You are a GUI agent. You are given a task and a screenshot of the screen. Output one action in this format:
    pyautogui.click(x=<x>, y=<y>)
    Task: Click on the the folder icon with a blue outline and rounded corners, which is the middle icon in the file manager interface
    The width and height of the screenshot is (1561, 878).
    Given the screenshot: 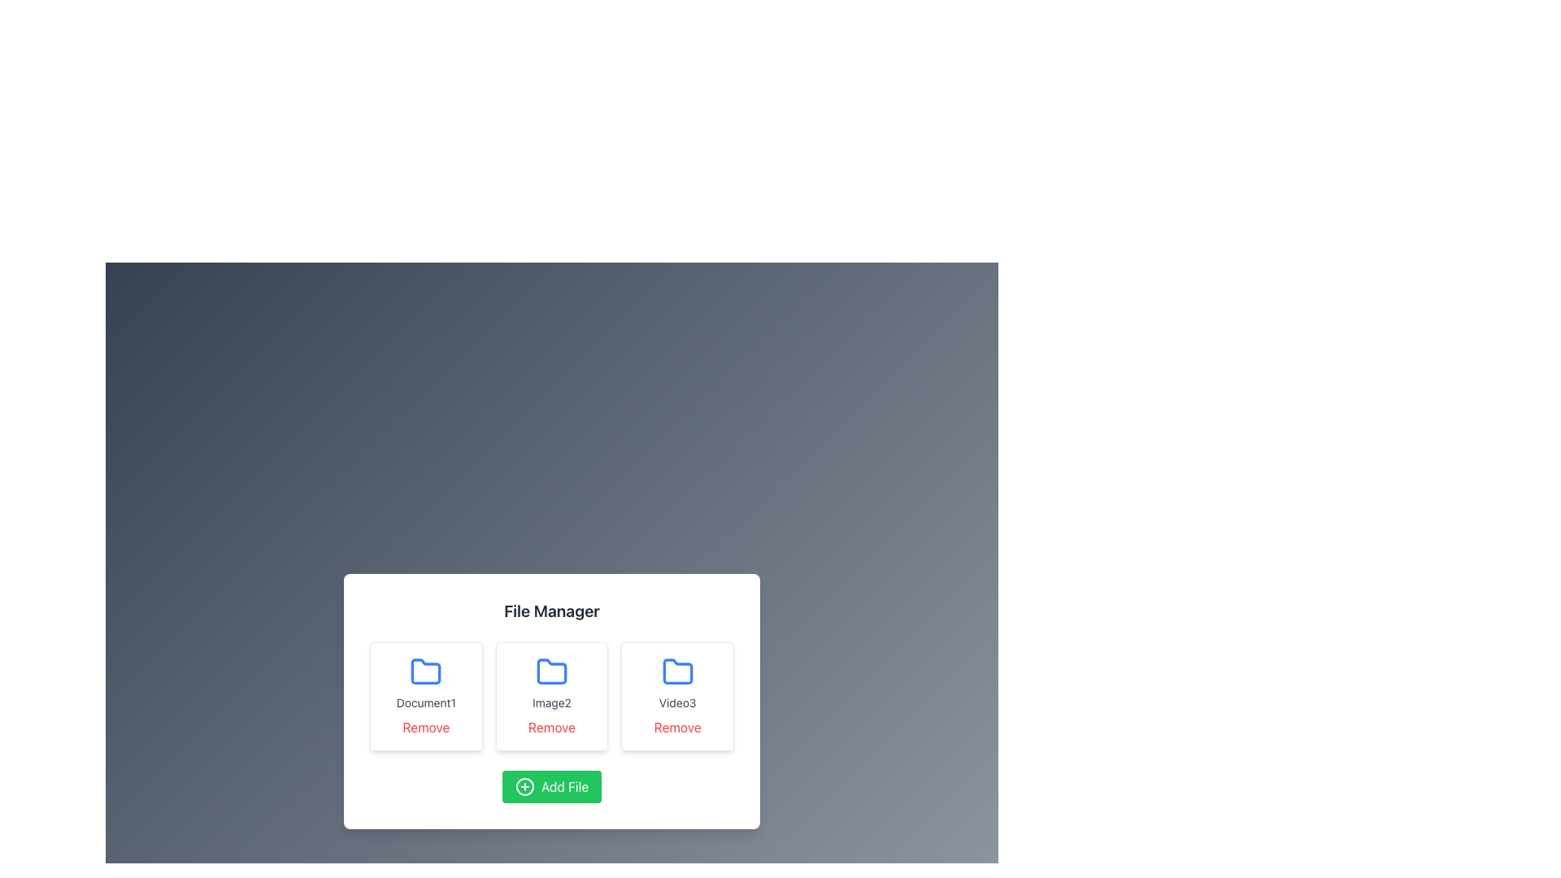 What is the action you would take?
    pyautogui.click(x=551, y=672)
    